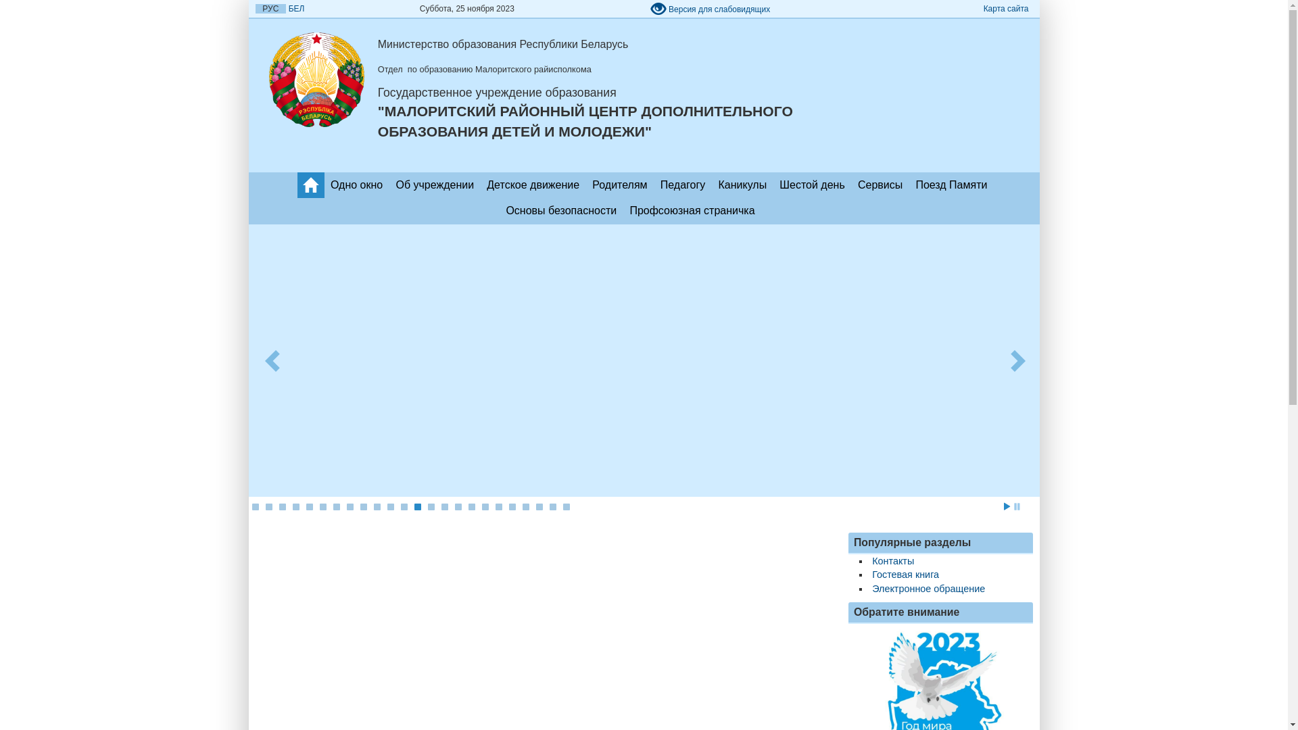 The image size is (1298, 730). I want to click on '2', so click(268, 506).